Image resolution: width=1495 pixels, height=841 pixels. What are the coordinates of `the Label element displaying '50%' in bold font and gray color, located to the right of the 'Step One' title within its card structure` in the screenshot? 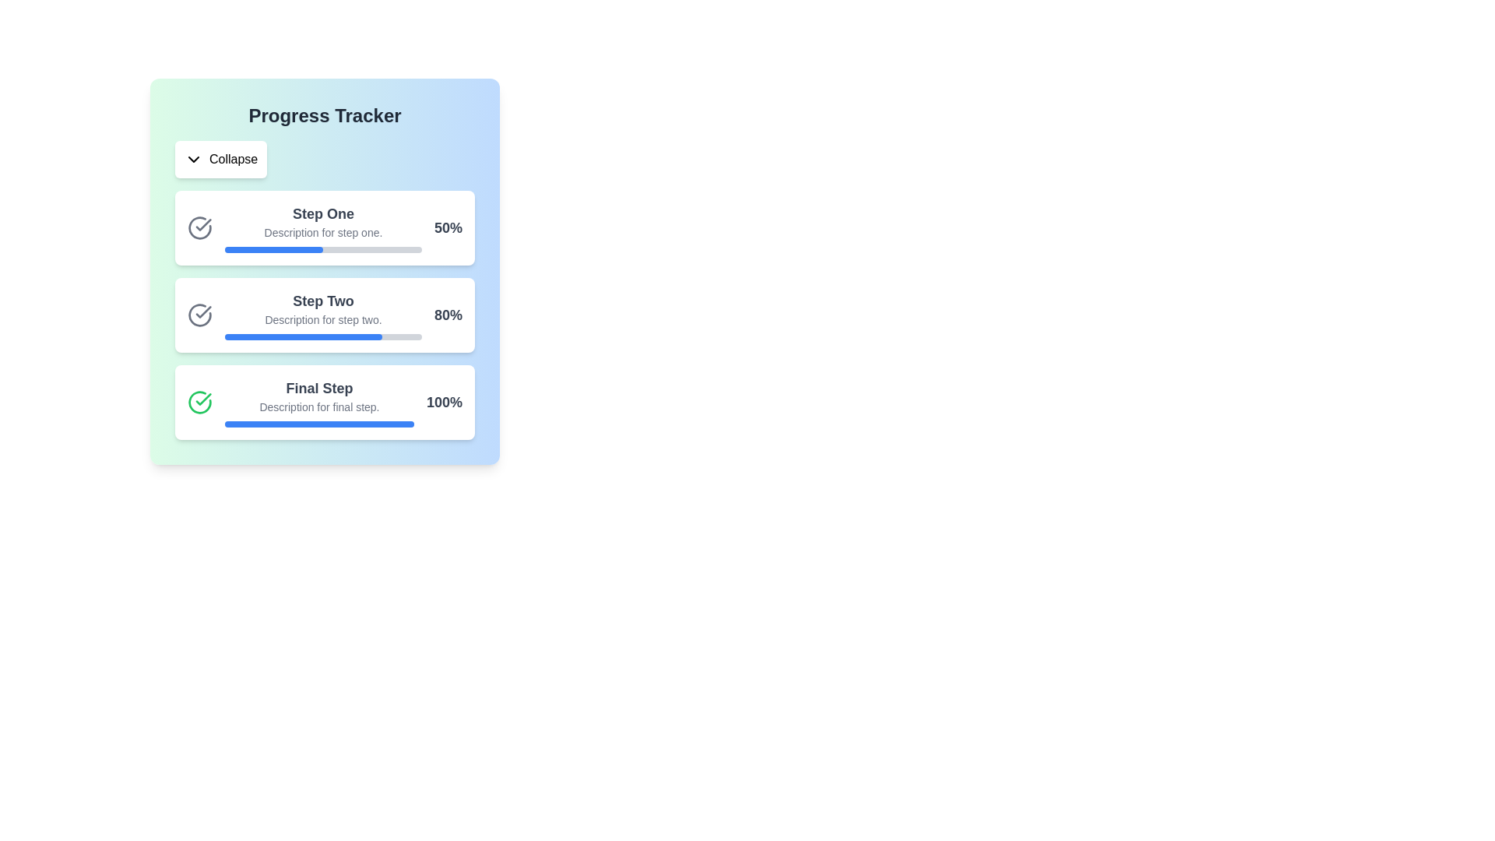 It's located at (448, 228).